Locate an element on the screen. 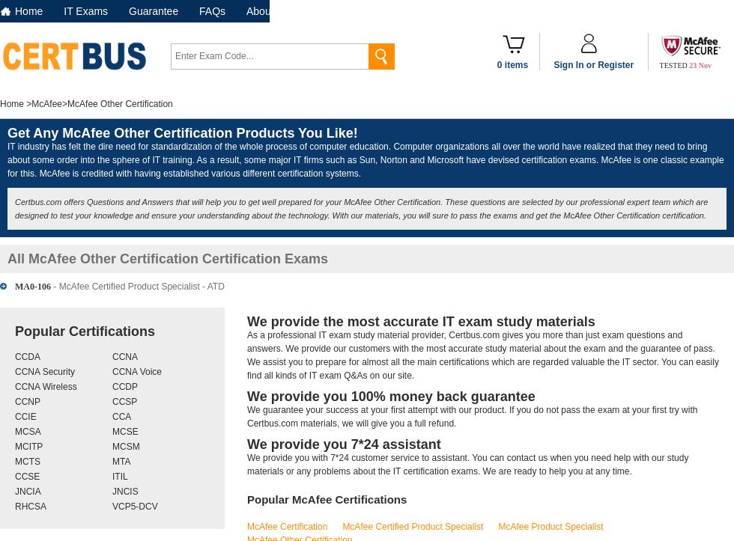 The height and width of the screenshot is (541, 734). 'Contact Us' is located at coordinates (336, 10).